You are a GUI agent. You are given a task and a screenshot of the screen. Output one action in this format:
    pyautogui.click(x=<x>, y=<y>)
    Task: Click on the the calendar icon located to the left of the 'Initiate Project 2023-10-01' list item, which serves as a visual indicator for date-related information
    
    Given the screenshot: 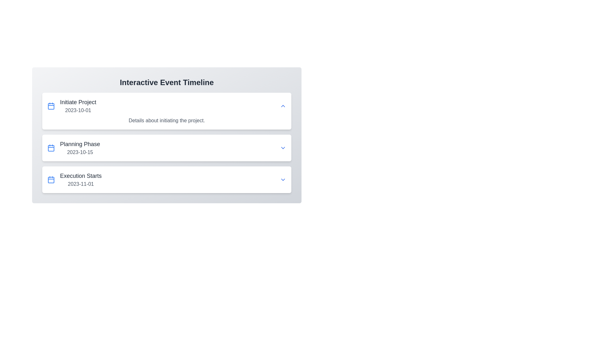 What is the action you would take?
    pyautogui.click(x=51, y=106)
    